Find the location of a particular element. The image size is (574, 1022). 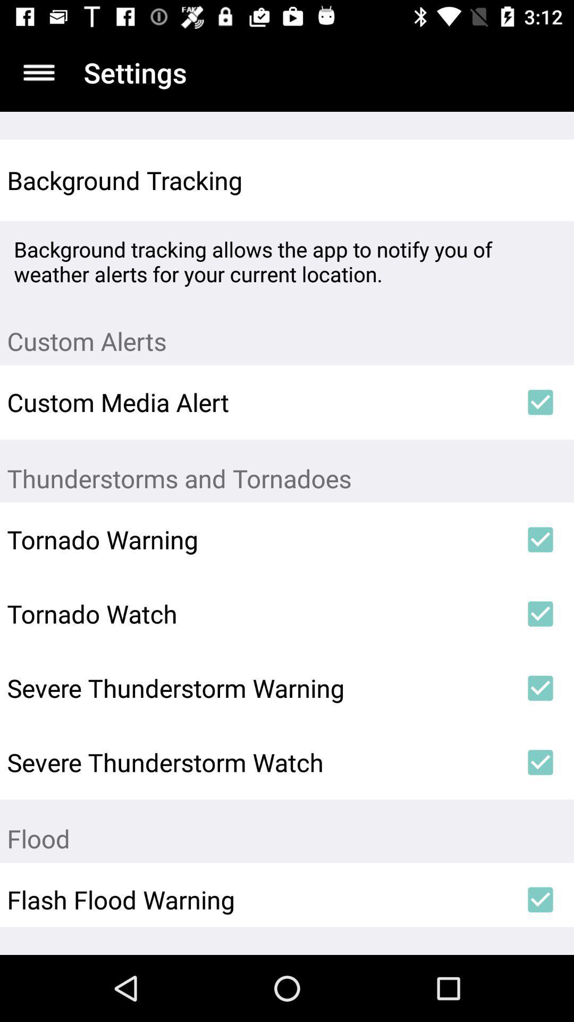

item next to background tracking icon is located at coordinates (541, 180).